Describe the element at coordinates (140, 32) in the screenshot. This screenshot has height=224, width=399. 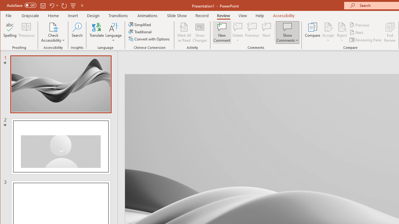
I see `'Traditional'` at that location.